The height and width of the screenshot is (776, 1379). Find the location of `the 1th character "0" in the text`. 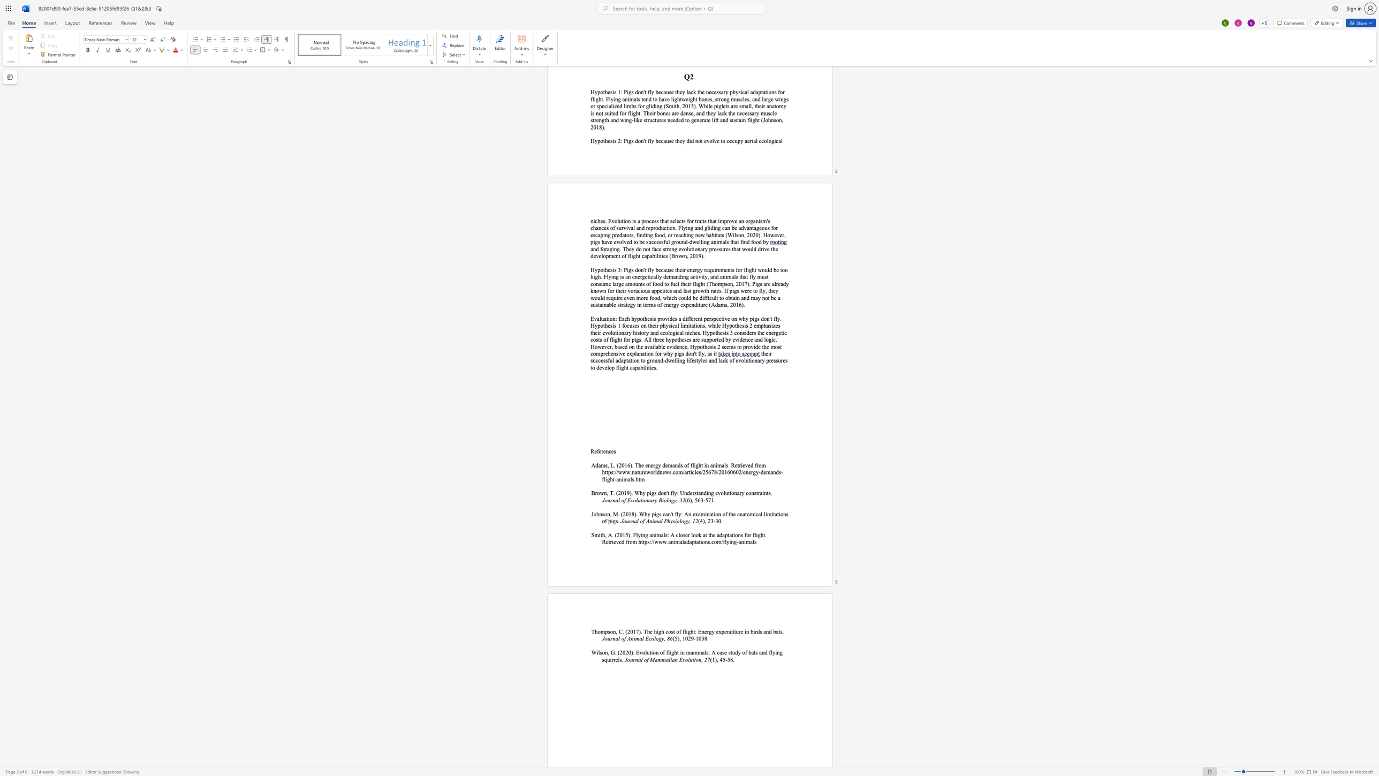

the 1th character "0" in the text is located at coordinates (623, 652).